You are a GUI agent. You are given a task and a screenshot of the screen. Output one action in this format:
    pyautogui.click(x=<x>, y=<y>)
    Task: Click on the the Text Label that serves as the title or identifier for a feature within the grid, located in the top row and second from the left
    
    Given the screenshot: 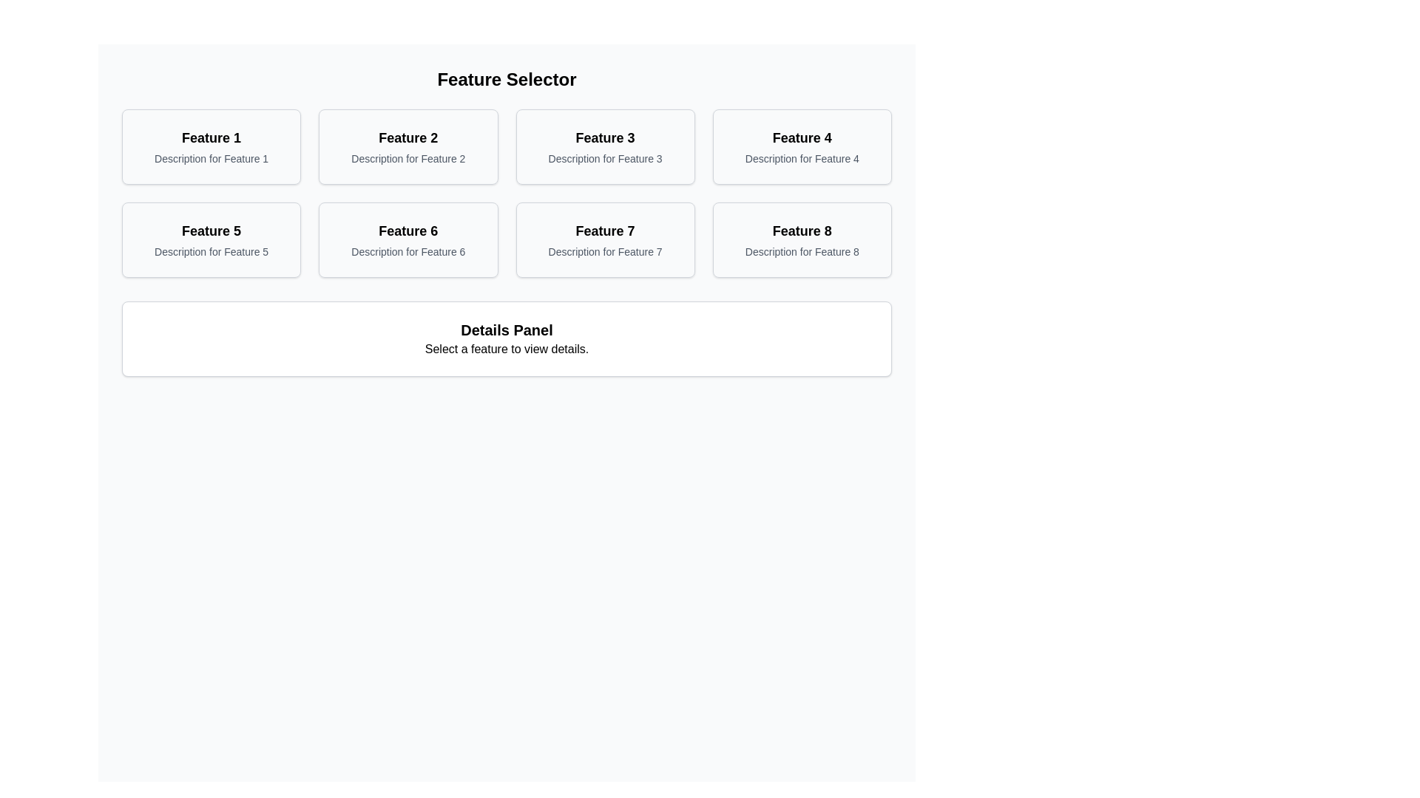 What is the action you would take?
    pyautogui.click(x=408, y=137)
    